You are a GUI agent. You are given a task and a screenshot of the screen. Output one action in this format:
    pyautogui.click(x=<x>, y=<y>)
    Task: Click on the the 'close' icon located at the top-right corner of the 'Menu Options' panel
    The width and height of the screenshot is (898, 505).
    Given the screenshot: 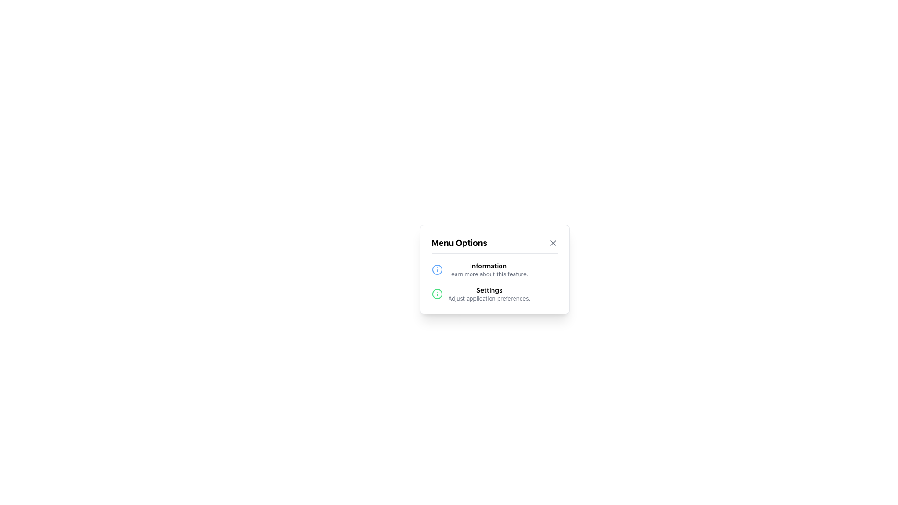 What is the action you would take?
    pyautogui.click(x=553, y=242)
    